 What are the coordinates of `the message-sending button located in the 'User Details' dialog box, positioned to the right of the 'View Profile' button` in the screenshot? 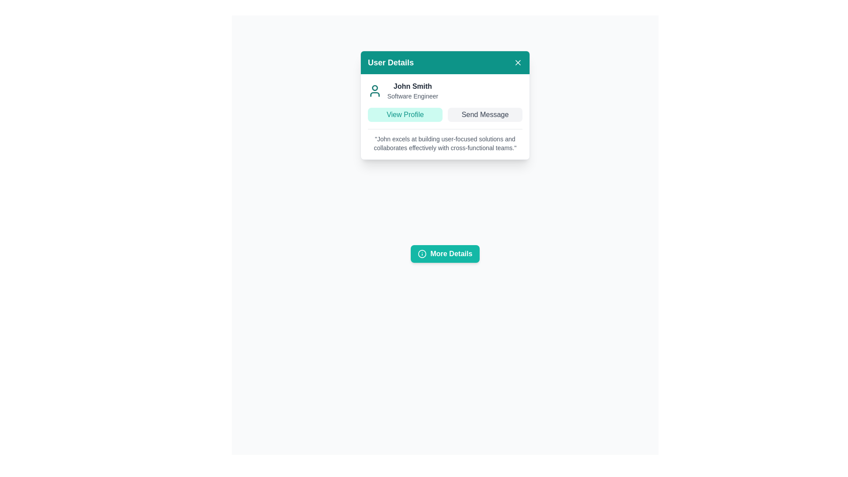 It's located at (485, 114).